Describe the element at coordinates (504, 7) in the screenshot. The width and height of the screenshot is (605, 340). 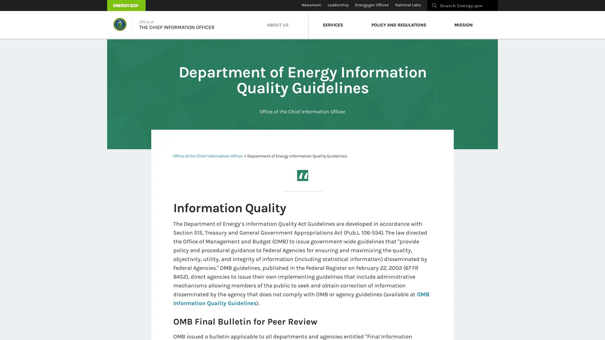
I see `SEARCH` at that location.